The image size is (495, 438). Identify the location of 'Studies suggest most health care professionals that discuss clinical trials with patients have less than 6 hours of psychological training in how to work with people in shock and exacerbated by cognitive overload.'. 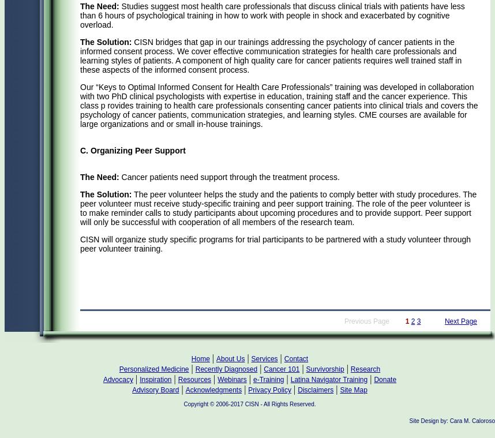
(79, 14).